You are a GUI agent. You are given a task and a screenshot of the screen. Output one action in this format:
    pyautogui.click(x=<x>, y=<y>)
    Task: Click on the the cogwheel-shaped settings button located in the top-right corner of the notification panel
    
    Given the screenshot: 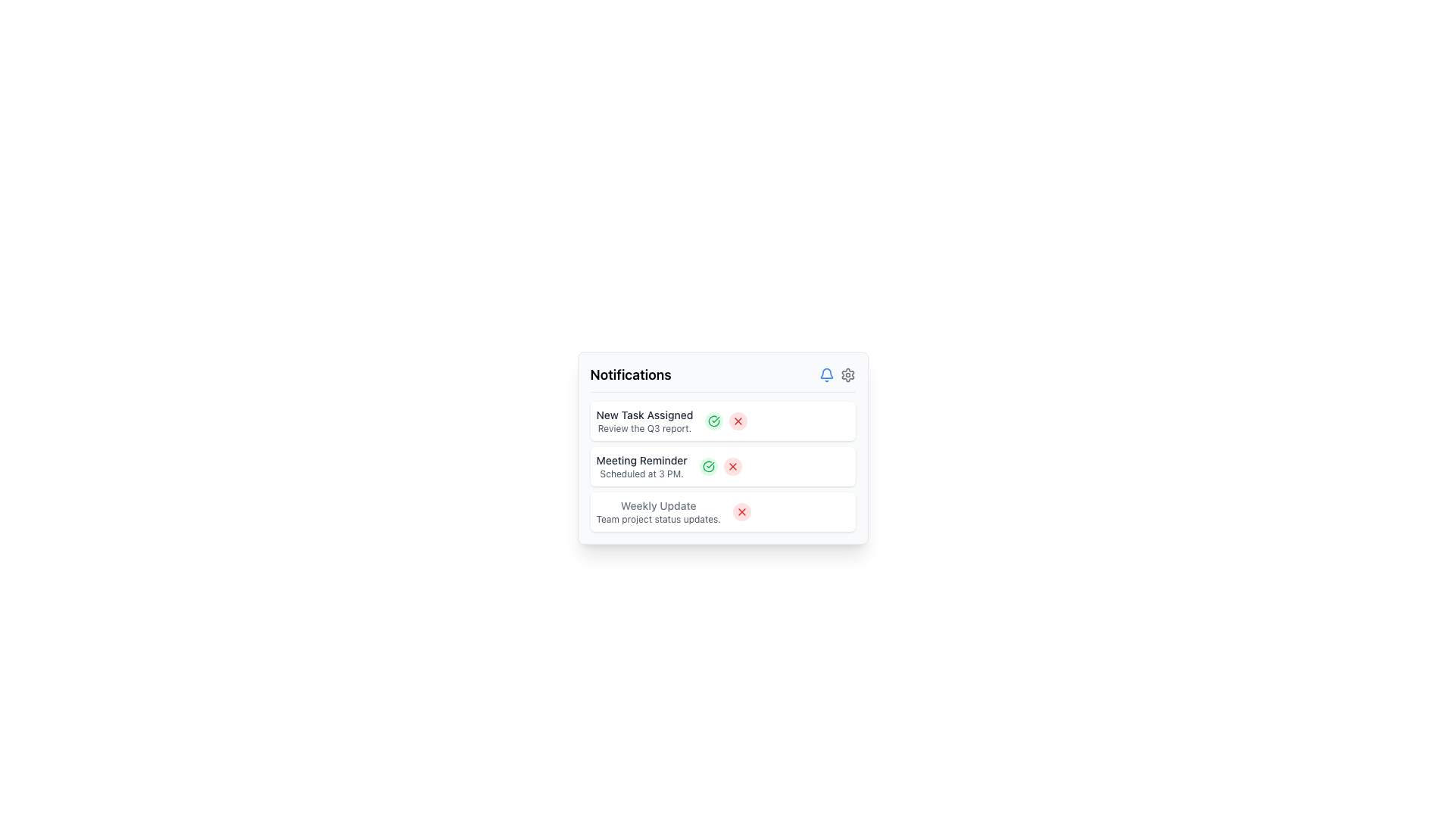 What is the action you would take?
    pyautogui.click(x=847, y=374)
    